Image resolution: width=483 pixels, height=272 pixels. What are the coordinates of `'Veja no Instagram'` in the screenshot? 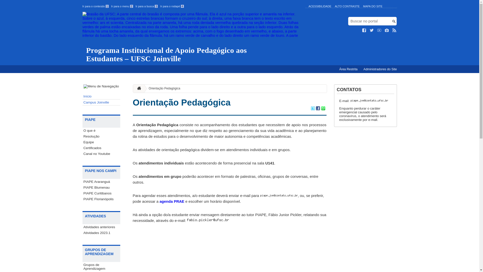 It's located at (386, 30).